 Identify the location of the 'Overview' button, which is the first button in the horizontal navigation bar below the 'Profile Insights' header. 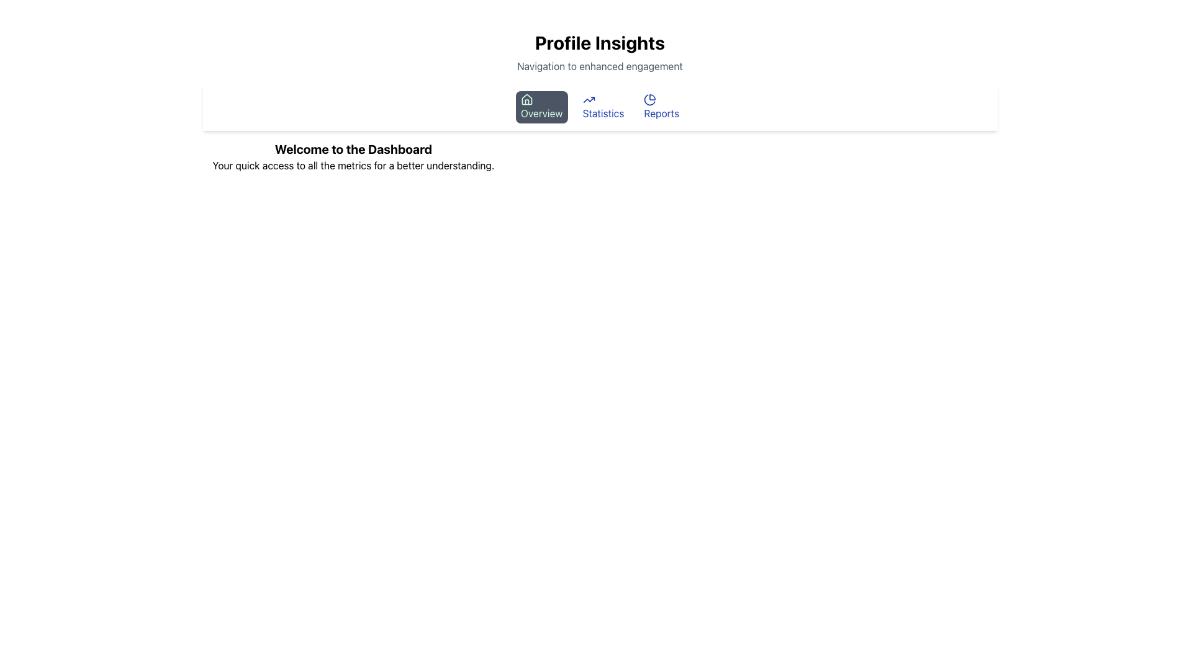
(541, 107).